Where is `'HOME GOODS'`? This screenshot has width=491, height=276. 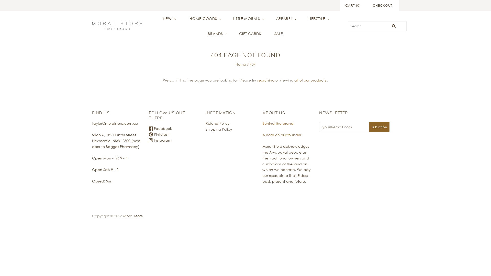 'HOME GOODS' is located at coordinates (205, 18).